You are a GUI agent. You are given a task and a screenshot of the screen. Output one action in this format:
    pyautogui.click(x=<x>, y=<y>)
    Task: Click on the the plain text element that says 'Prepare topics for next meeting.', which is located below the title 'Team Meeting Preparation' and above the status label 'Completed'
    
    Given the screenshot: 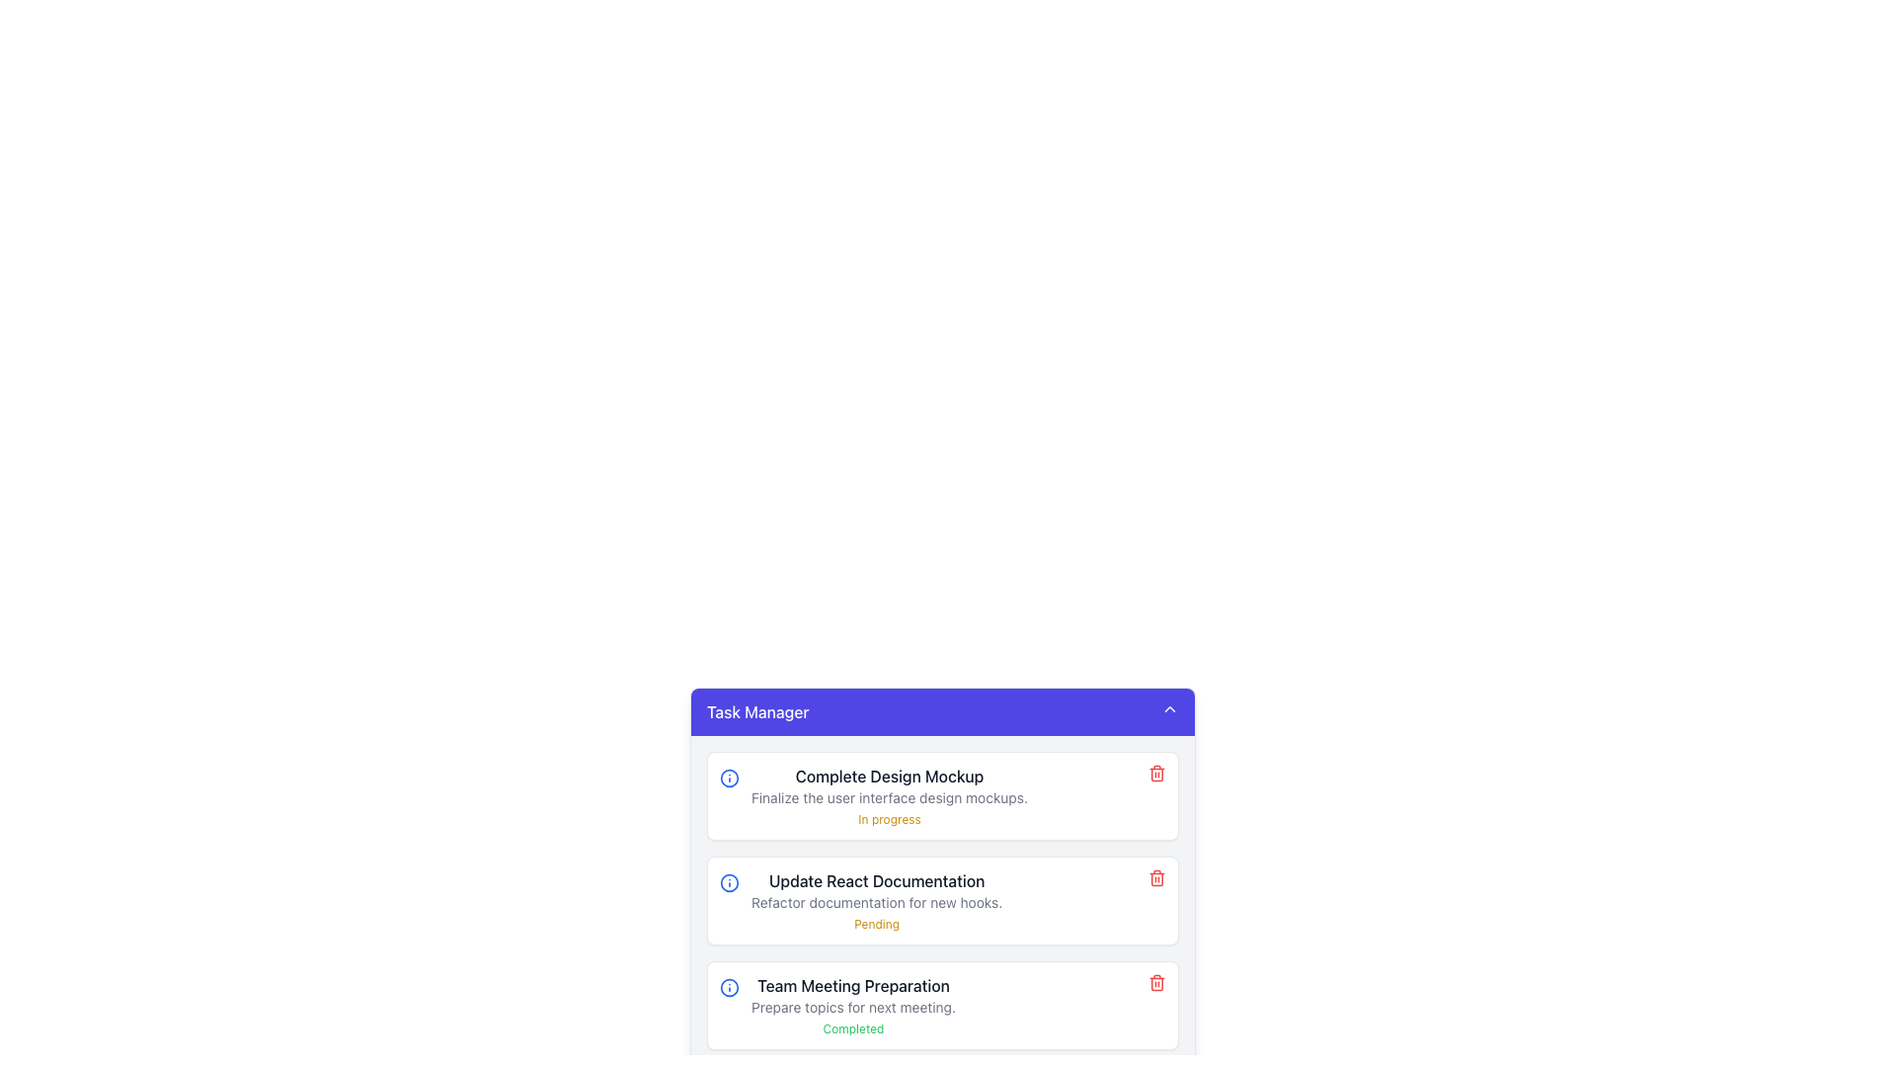 What is the action you would take?
    pyautogui.click(x=853, y=1007)
    